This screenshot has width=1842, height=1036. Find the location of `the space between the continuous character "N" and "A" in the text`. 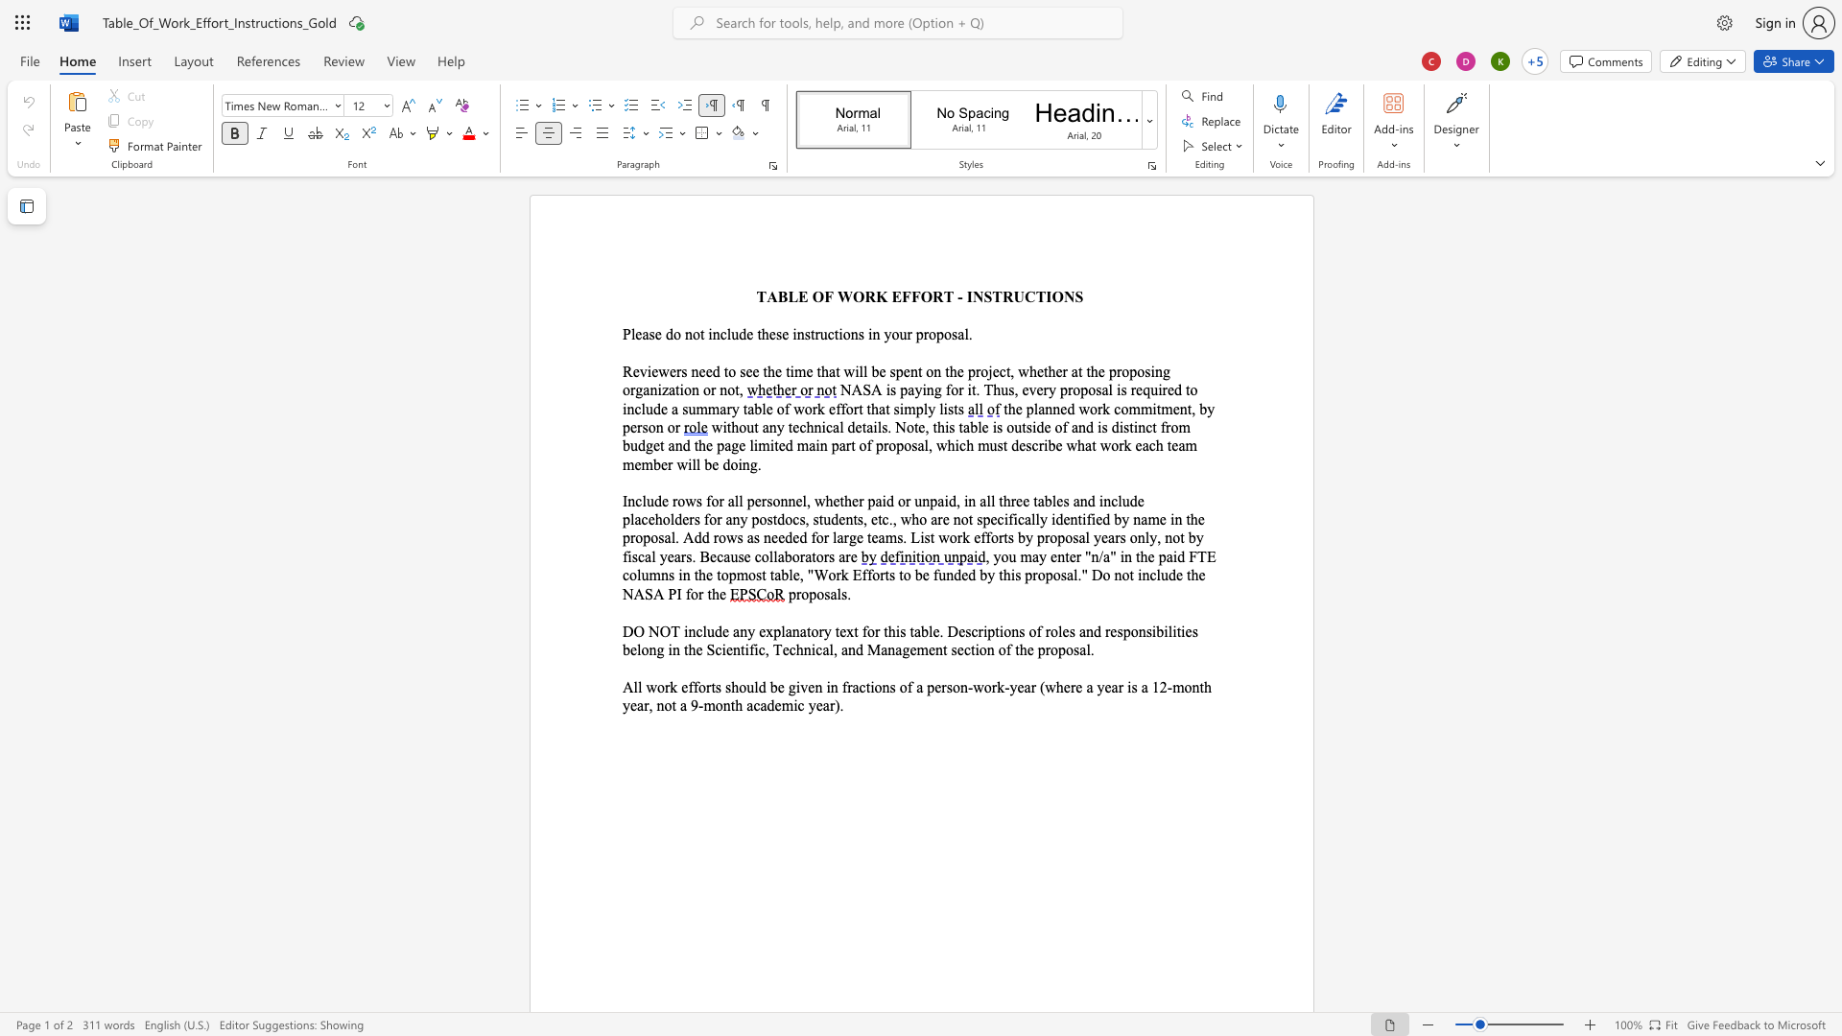

the space between the continuous character "N" and "A" in the text is located at coordinates (850, 388).